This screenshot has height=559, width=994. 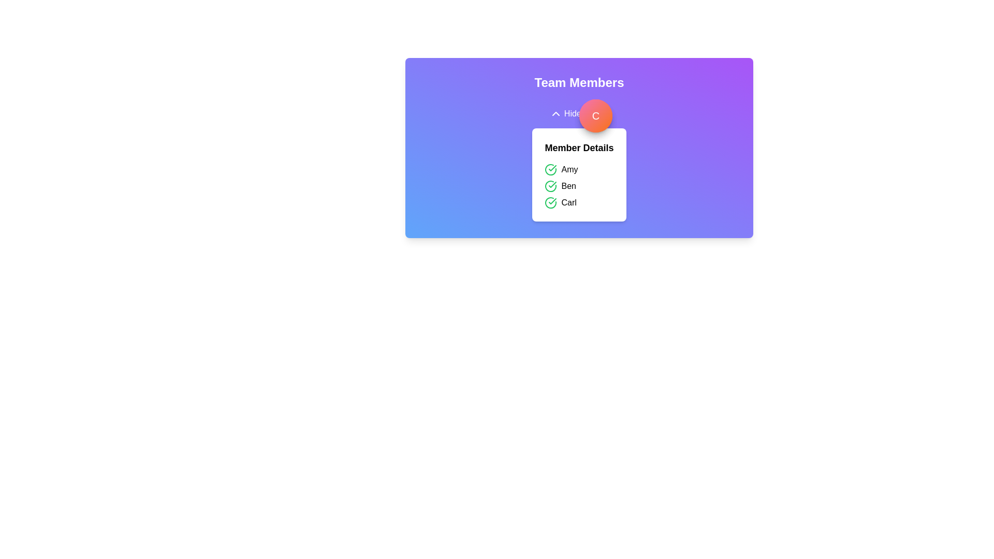 I want to click on the decorative text label positioned to the right of character 'A' and left of the third character in the circular gradient component, located near the top center of the 'Team Members' panel, so click(x=596, y=115).